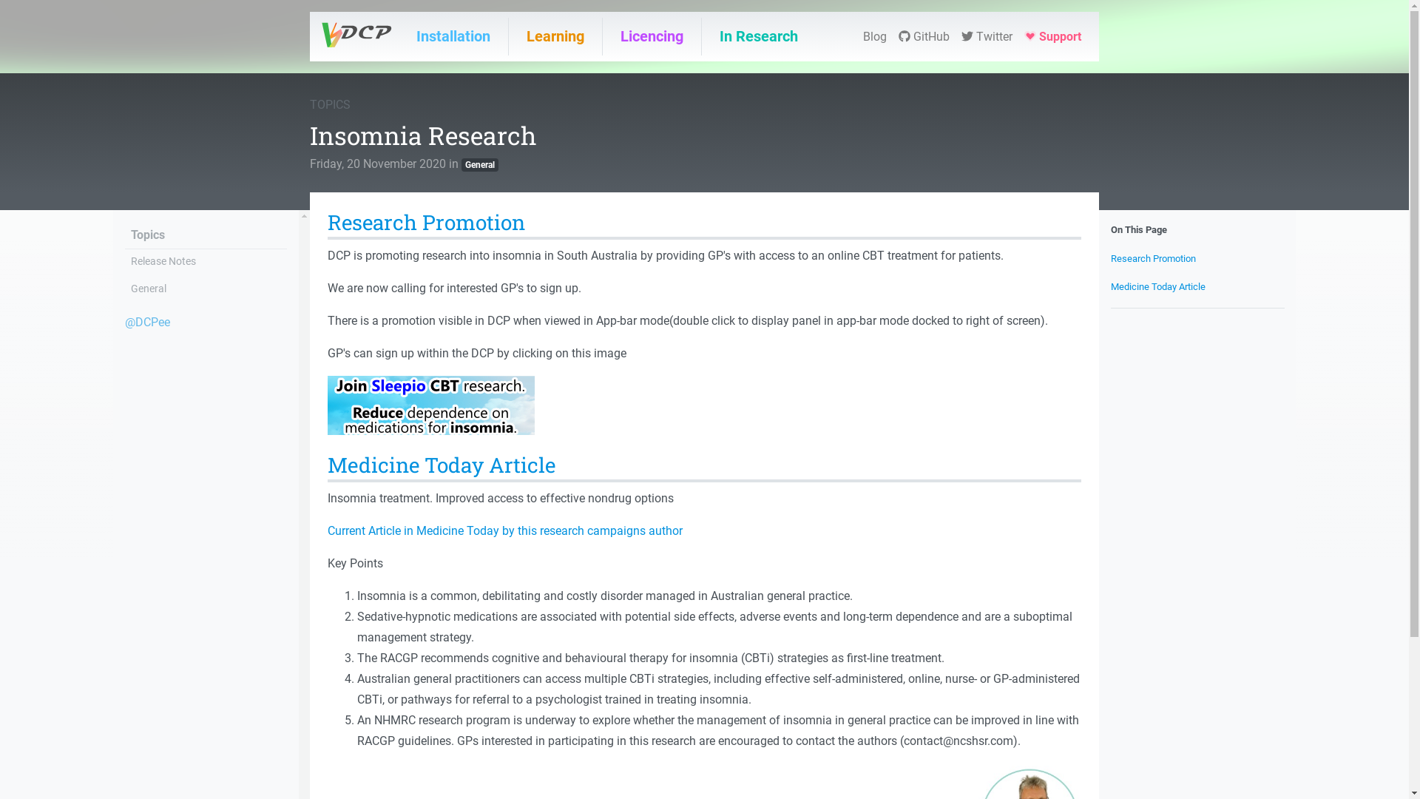 This screenshot has width=1420, height=799. I want to click on 'Support', so click(1052, 36).